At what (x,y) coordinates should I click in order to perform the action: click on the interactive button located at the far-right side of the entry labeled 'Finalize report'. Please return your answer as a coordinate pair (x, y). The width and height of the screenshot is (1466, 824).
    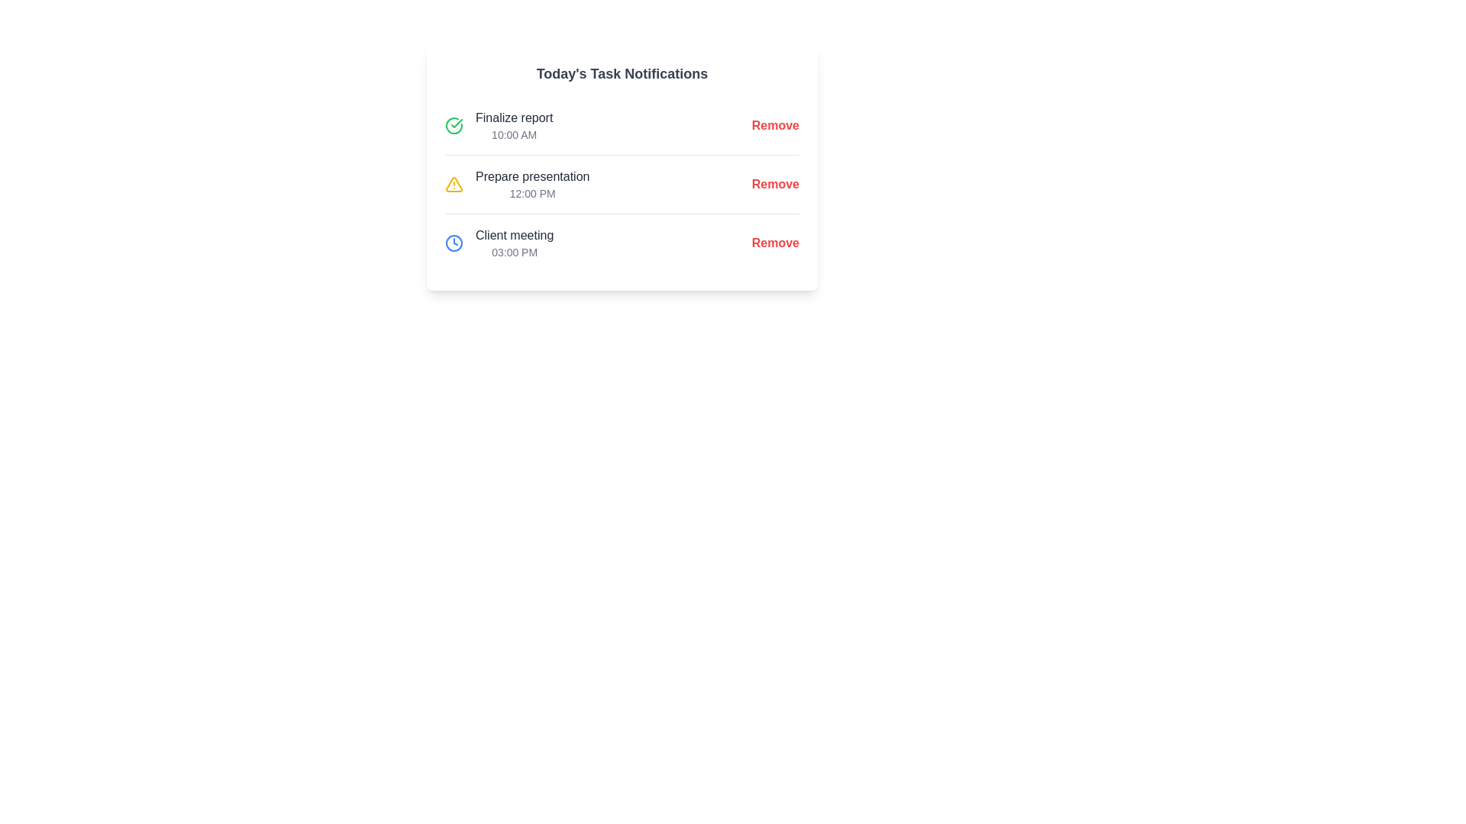
    Looking at the image, I should click on (775, 125).